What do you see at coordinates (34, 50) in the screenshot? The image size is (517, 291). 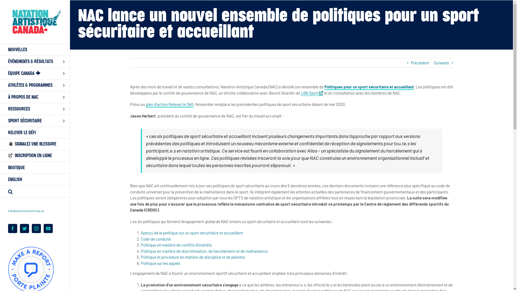 I see `'NOUVELLES'` at bounding box center [34, 50].